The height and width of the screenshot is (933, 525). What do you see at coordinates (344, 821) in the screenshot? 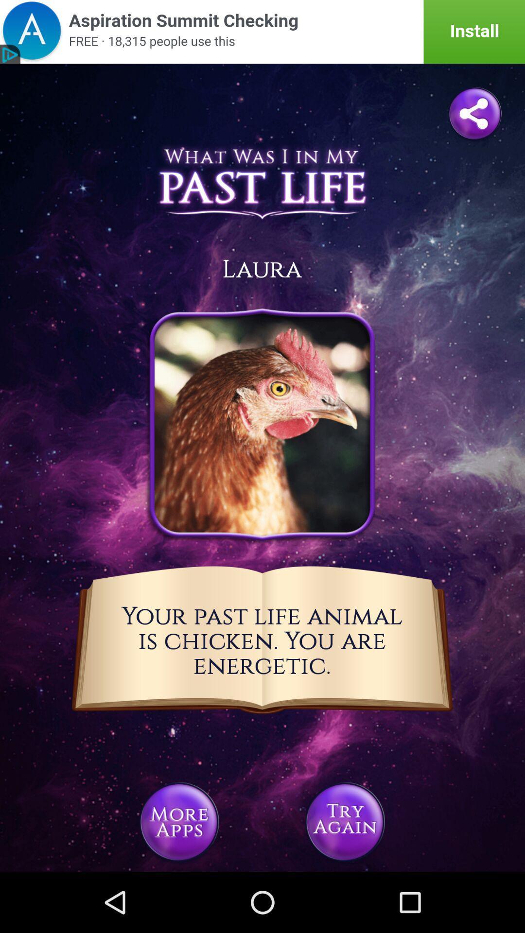
I see `try quiz again` at bounding box center [344, 821].